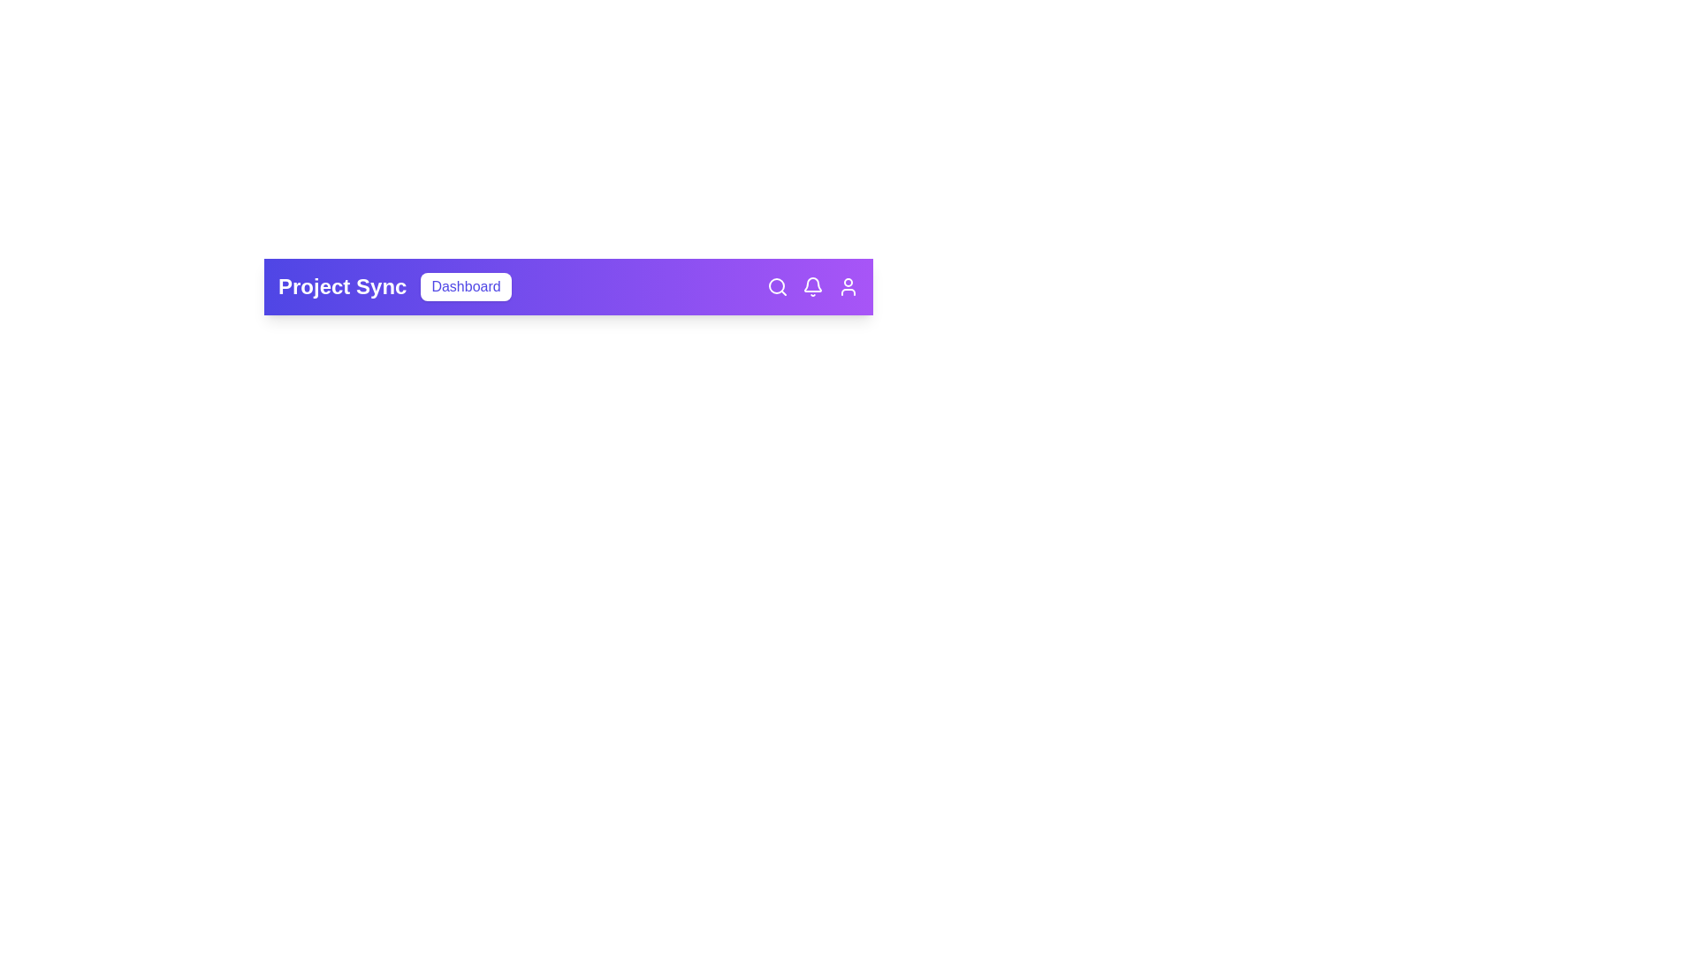  Describe the element at coordinates (777, 285) in the screenshot. I see `the 'Search' icon in the EnhancedAppBar` at that location.